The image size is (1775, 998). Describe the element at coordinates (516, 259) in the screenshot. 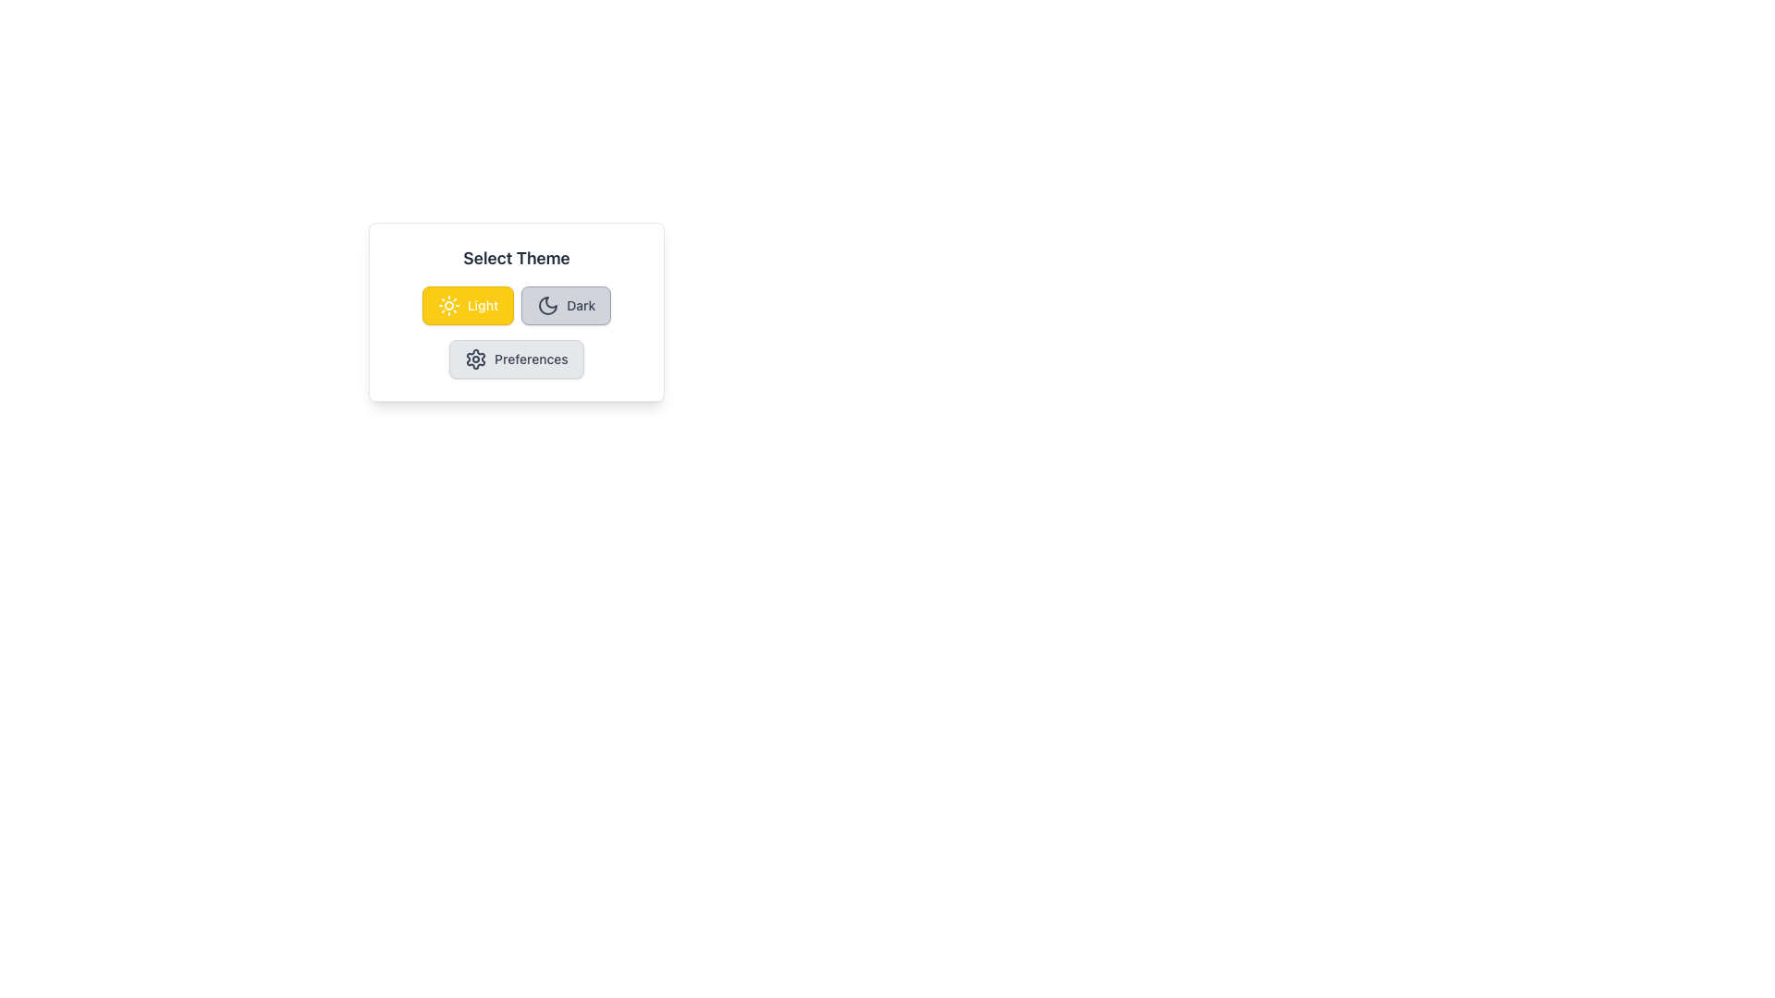

I see `the 'Select Theme' text label, which is prominently displayed in a large, bold font in dark gray color, located at the top of its containing card` at that location.